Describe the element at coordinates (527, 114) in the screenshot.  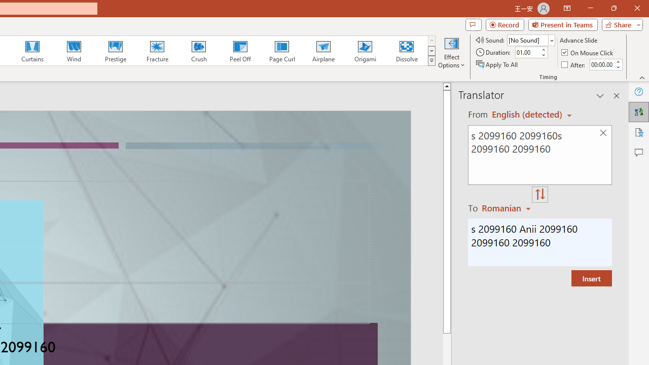
I see `'Czech (detected)'` at that location.